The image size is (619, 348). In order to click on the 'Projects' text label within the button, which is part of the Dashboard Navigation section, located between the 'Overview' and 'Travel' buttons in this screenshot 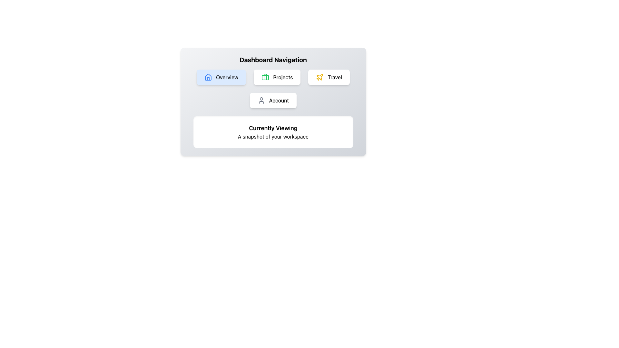, I will do `click(283, 77)`.